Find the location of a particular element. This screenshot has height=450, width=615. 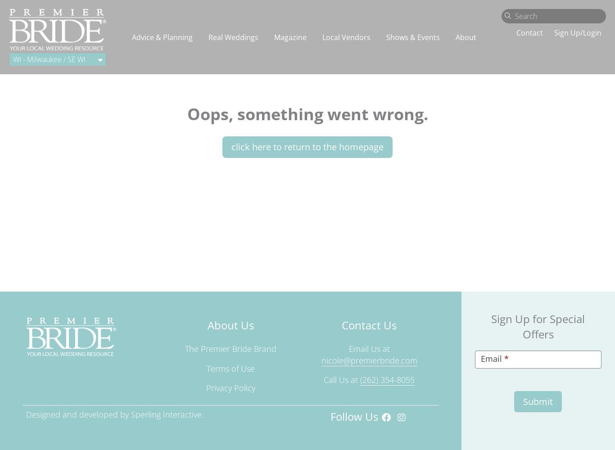

'Alterations' is located at coordinates (60, 67).